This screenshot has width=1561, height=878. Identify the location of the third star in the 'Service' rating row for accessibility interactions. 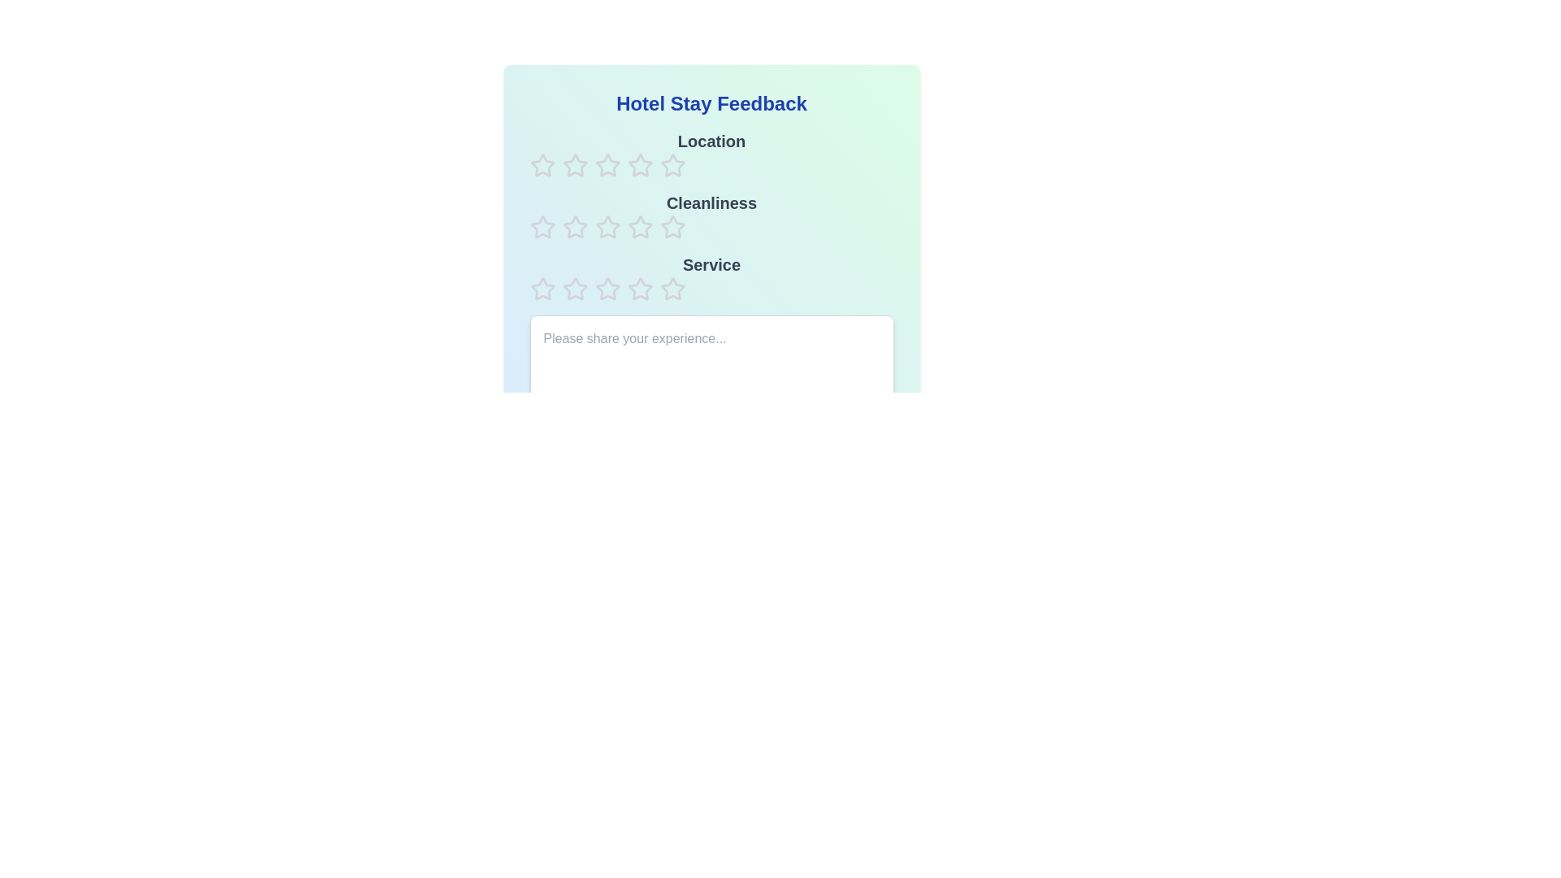
(639, 288).